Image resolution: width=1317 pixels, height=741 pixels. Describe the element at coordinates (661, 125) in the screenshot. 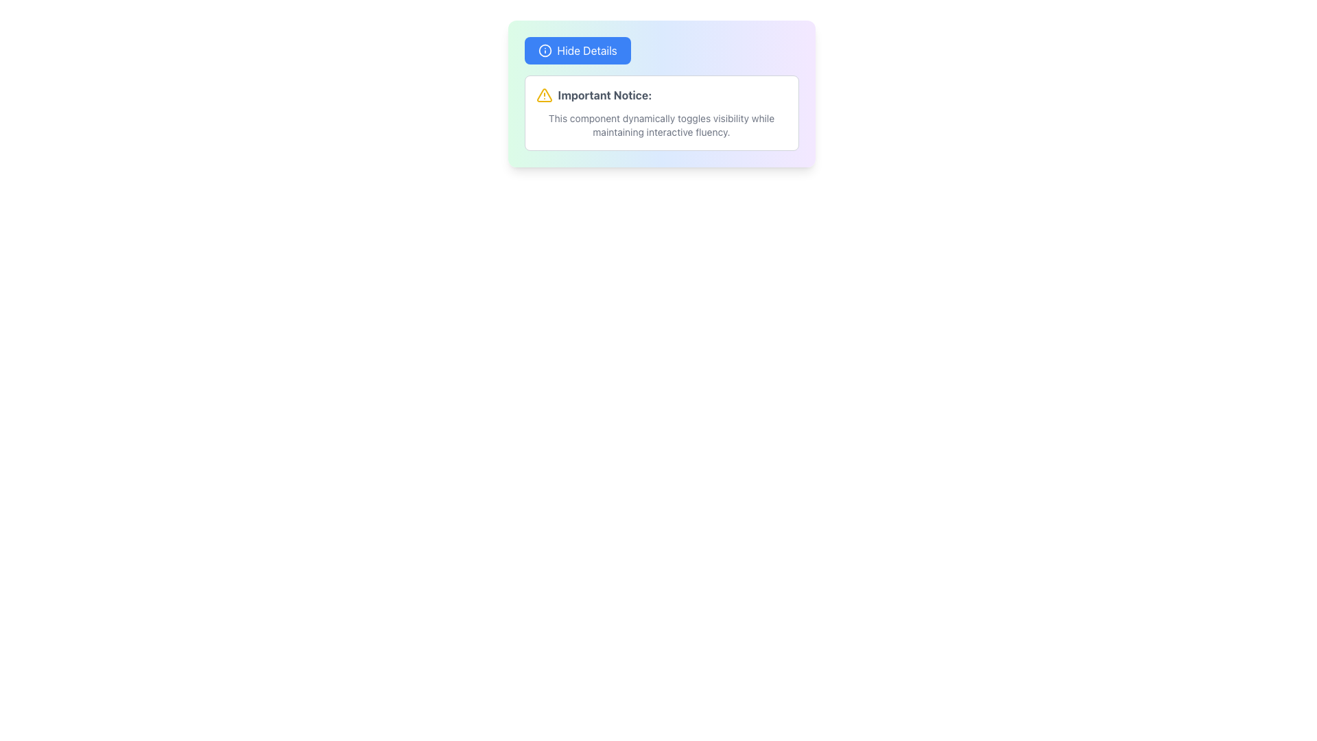

I see `text content of the textual component displaying 'This component dynamically toggles visibility while maintaining interactive fluency.' which is styled in subdued gray and located directly below the 'Important Notice:' label` at that location.